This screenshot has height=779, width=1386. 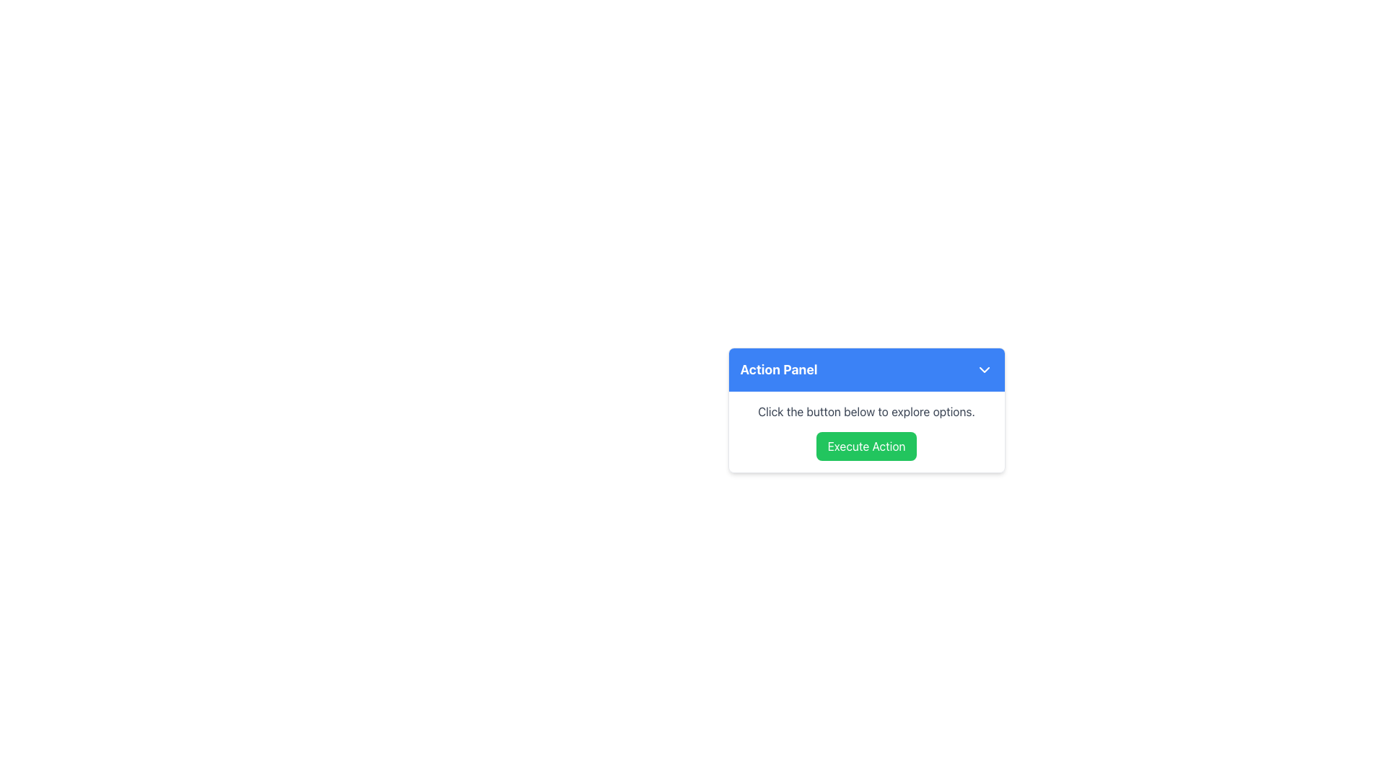 What do you see at coordinates (866, 410) in the screenshot?
I see `the 'Action Panel', which features a blue header with the title 'Action Panel' and a green button labeled 'Execute Action' at the bottom` at bounding box center [866, 410].